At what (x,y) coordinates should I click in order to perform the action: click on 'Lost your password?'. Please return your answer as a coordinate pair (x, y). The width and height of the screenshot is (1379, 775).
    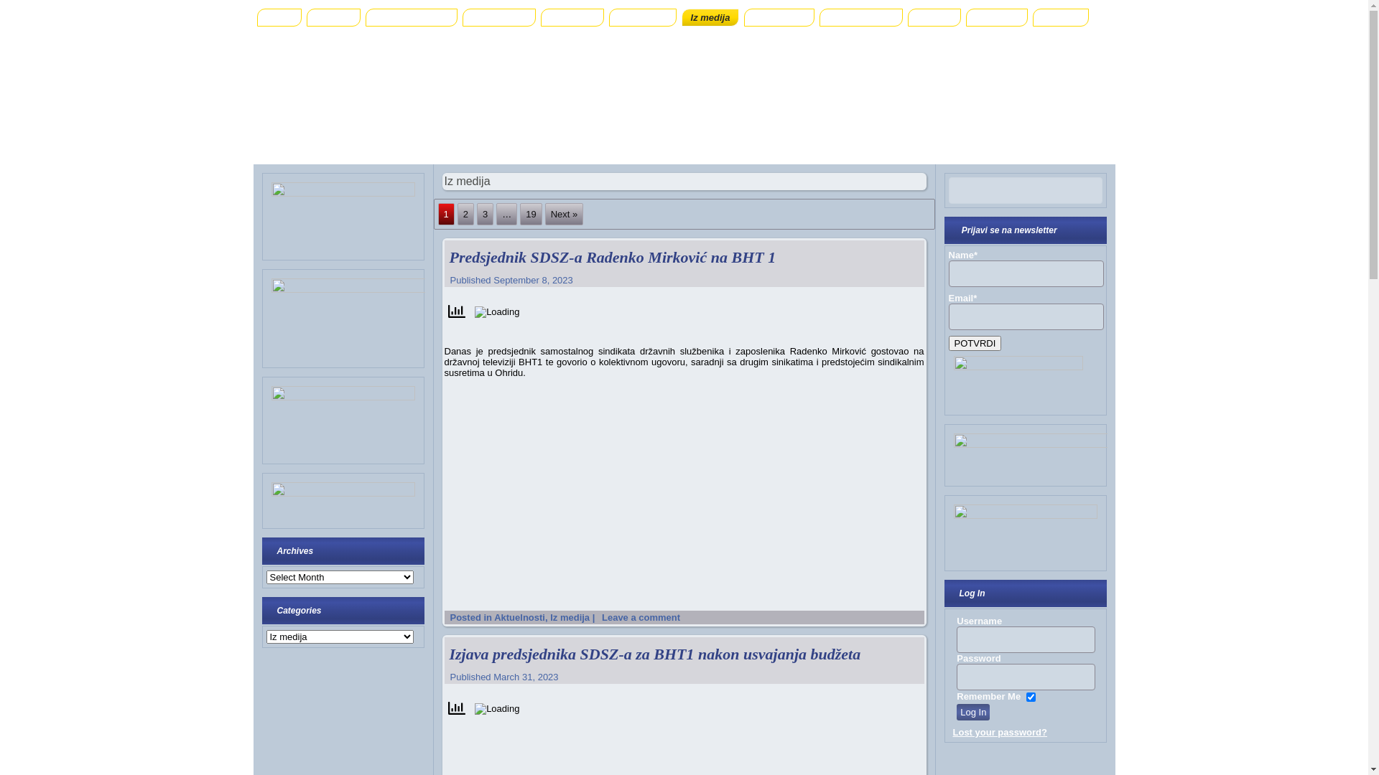
    Looking at the image, I should click on (998, 732).